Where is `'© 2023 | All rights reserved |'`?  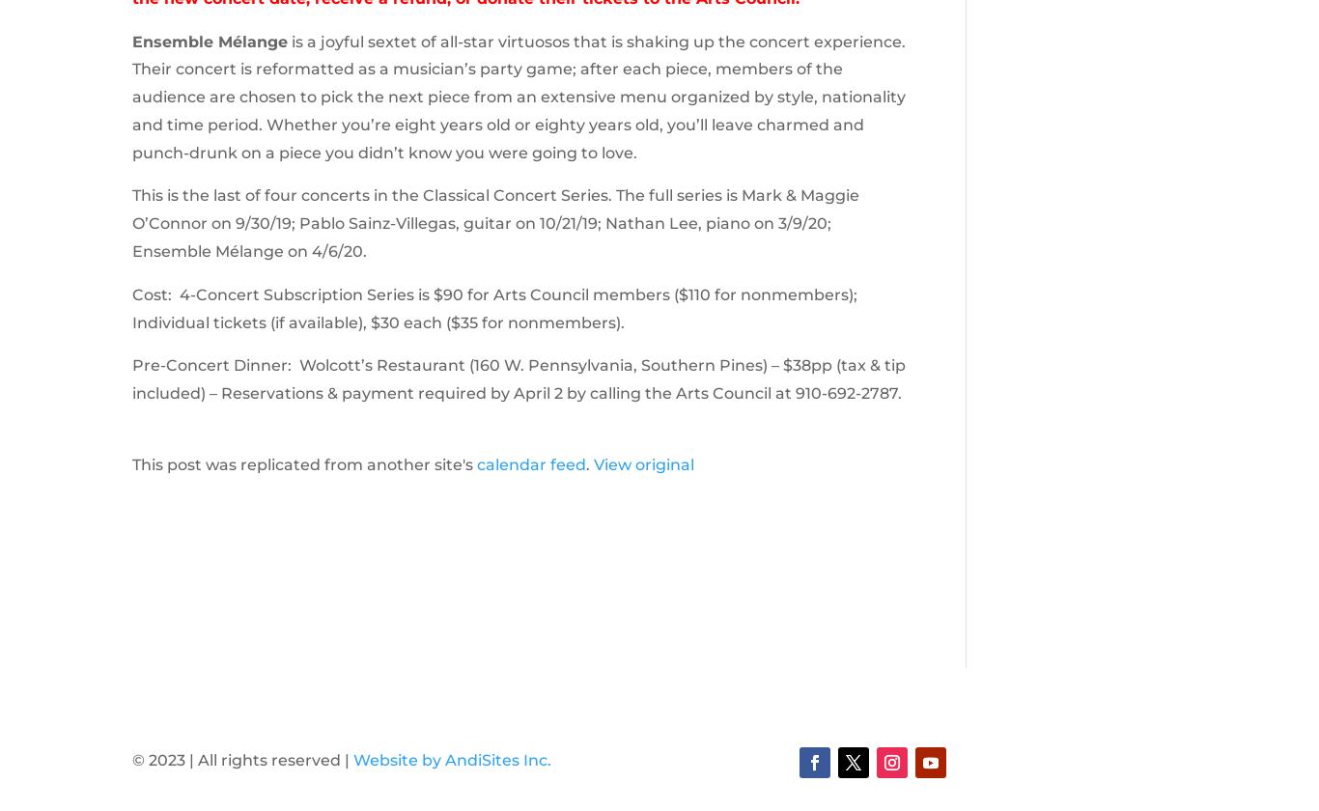 '© 2023 | All rights reserved |' is located at coordinates (241, 759).